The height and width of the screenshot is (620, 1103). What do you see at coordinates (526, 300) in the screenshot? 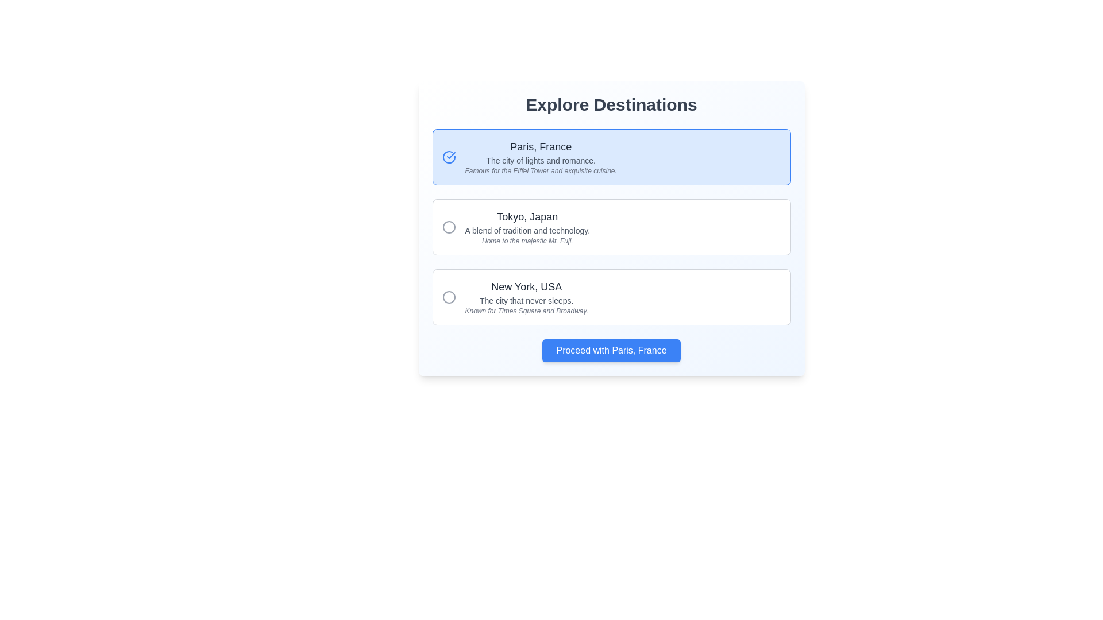
I see `the static text element that reads 'The city that never sleeps.', styled with smaller, gray-colored text, located beneath 'New York, USA'` at bounding box center [526, 300].